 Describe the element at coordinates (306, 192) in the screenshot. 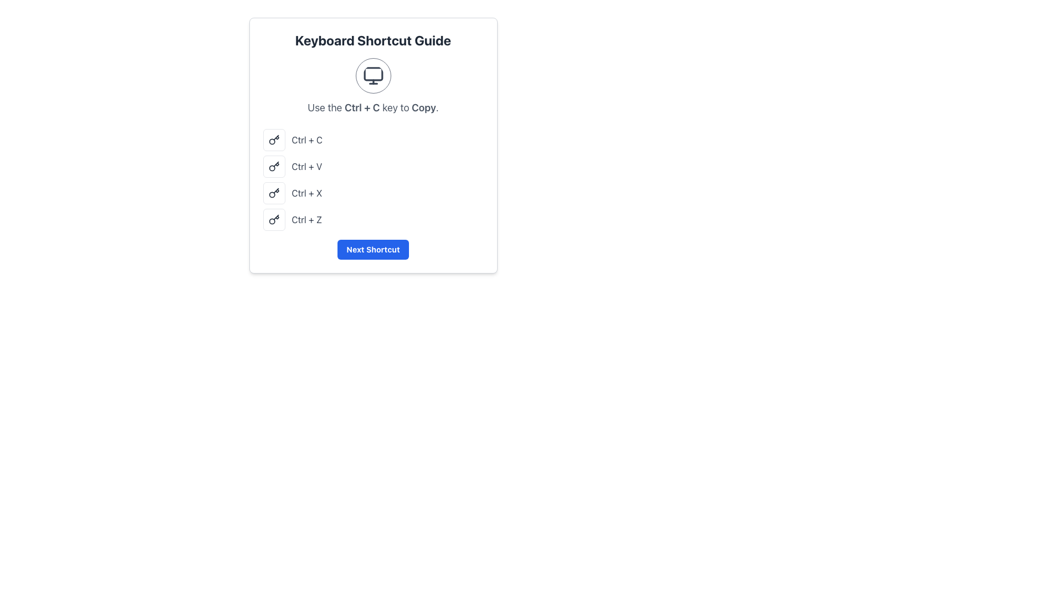

I see `the Text label that provides information about the 'Ctrl + X' keyboard shortcut, which is the third shortcut in the 'Keyboard Shortcut Guide', located between 'Ctrl + V' and 'Ctrl + Z'` at that location.